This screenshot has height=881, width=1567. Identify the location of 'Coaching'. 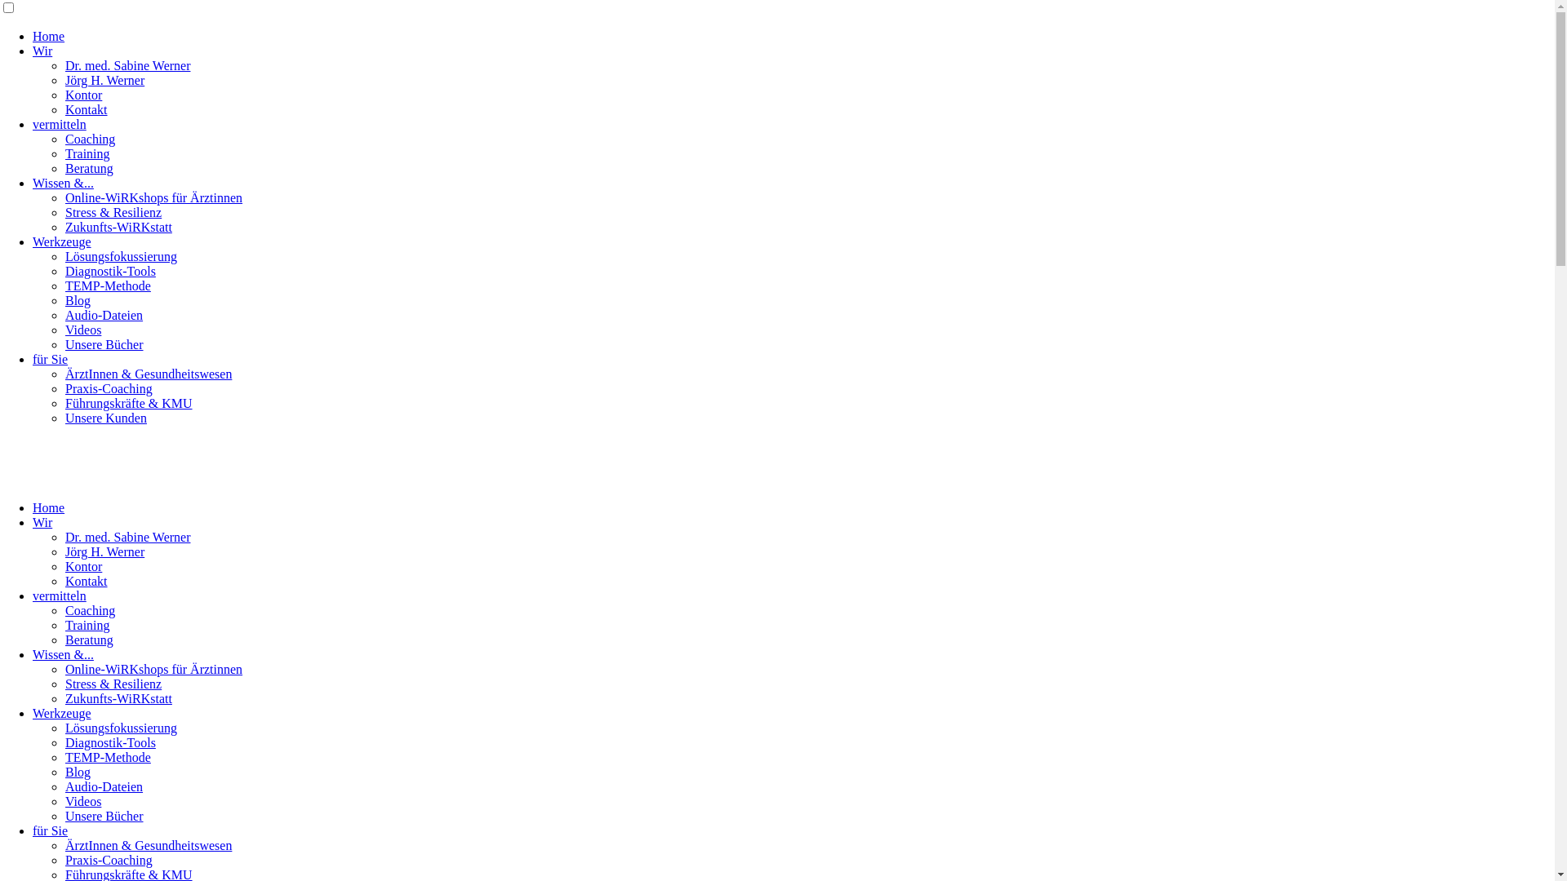
(89, 610).